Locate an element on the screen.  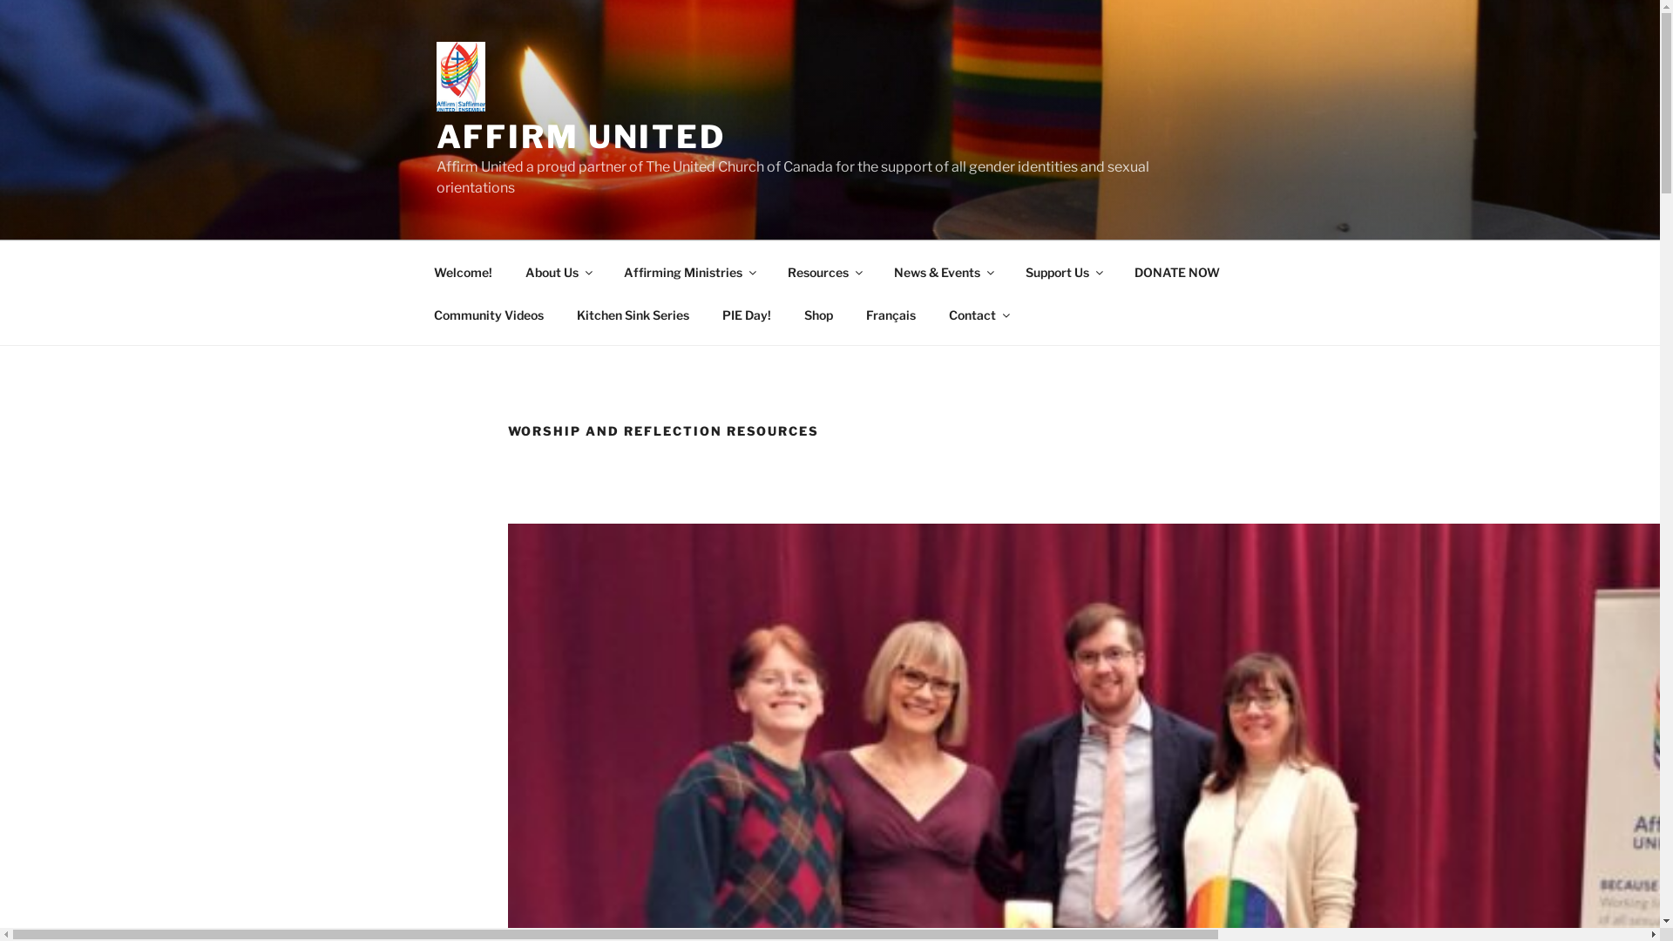
'Affirming Ministries' is located at coordinates (687, 272).